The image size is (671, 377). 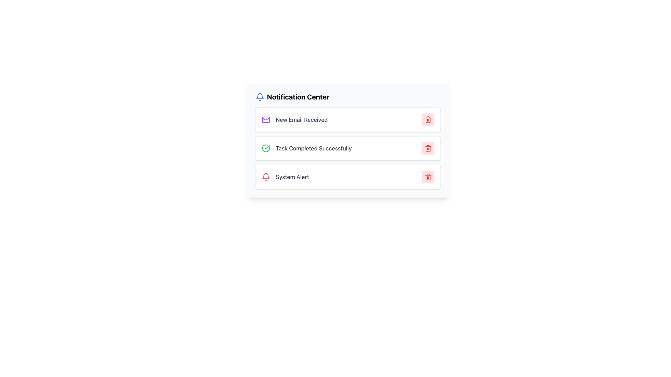 What do you see at coordinates (267, 147) in the screenshot?
I see `the checkmark icon indicating successful completion of a task within the 'Task Completed Successfully' notification row` at bounding box center [267, 147].